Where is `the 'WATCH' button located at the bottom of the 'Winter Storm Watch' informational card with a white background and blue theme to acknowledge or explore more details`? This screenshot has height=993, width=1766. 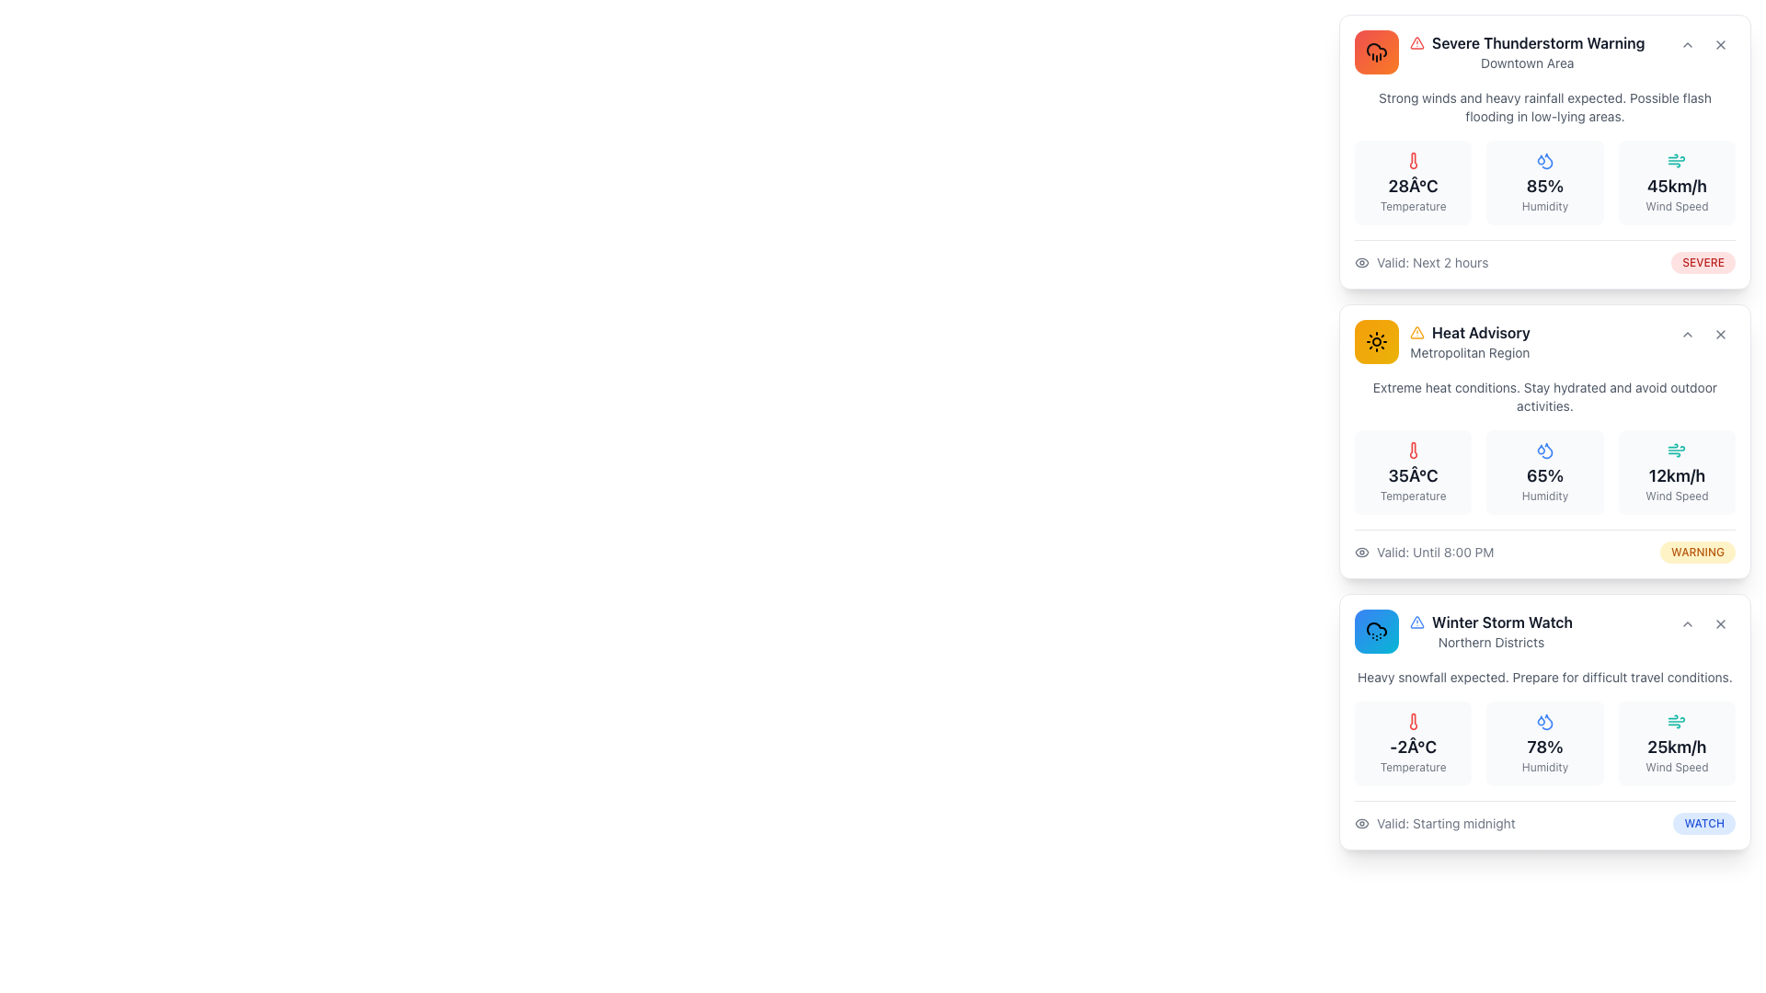 the 'WATCH' button located at the bottom of the 'Winter Storm Watch' informational card with a white background and blue theme to acknowledge or explore more details is located at coordinates (1545, 721).